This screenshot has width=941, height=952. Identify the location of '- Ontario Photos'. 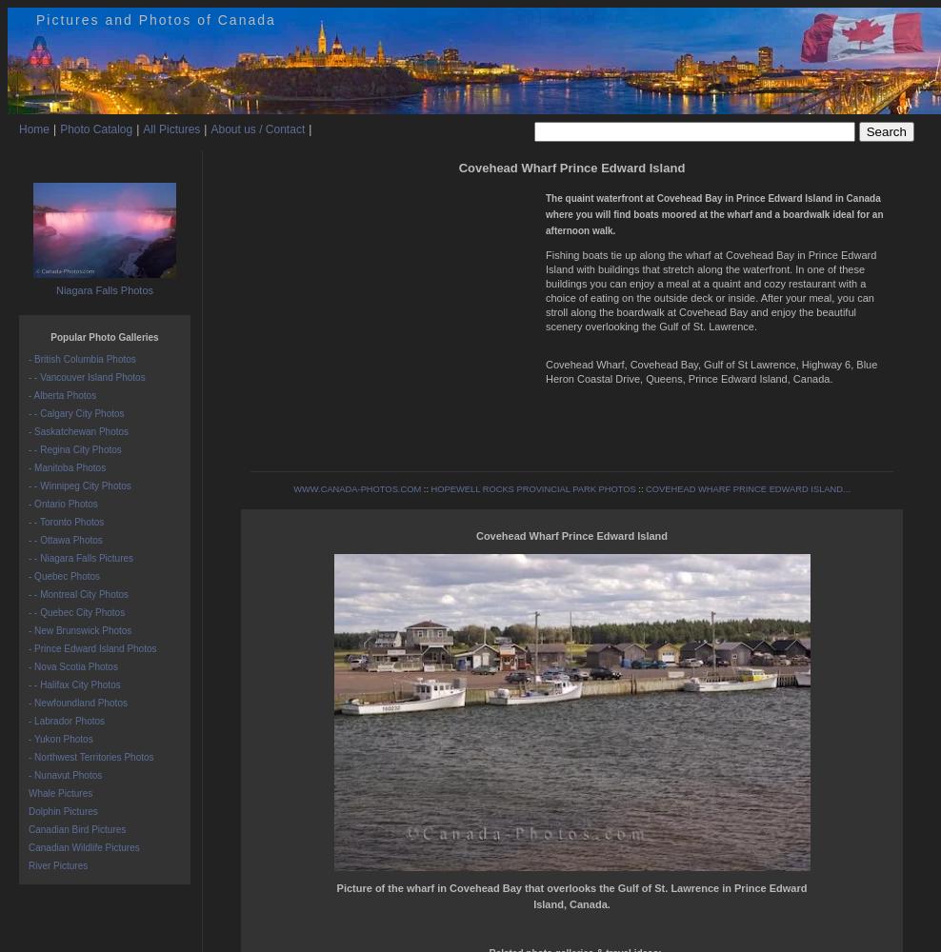
(62, 504).